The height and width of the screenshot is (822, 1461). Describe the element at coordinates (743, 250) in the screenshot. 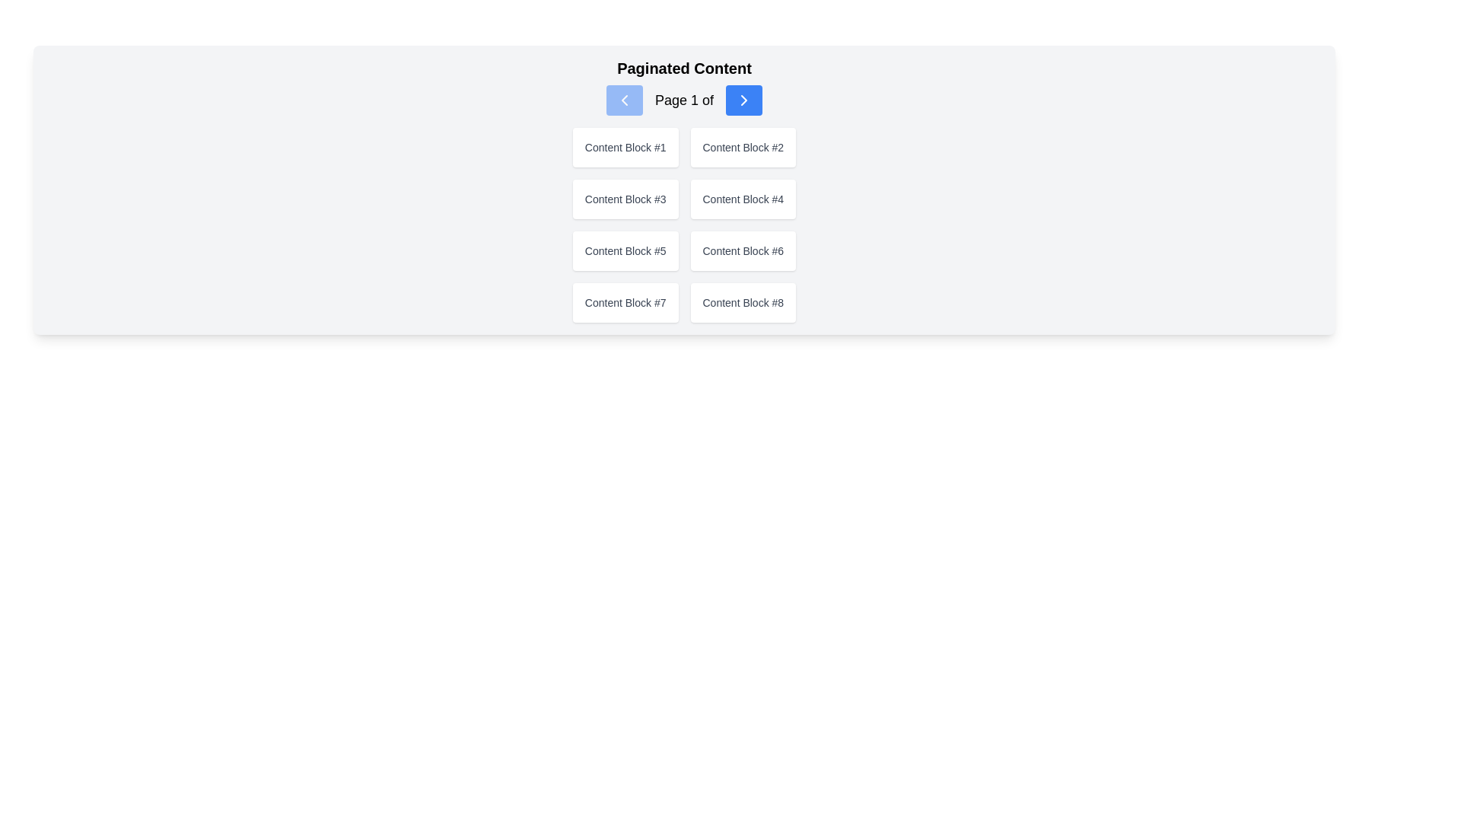

I see `the text label located in the center-right section of the grid layout, specifically in the third column of the second row, which serves as an identifier for the associated card` at that location.